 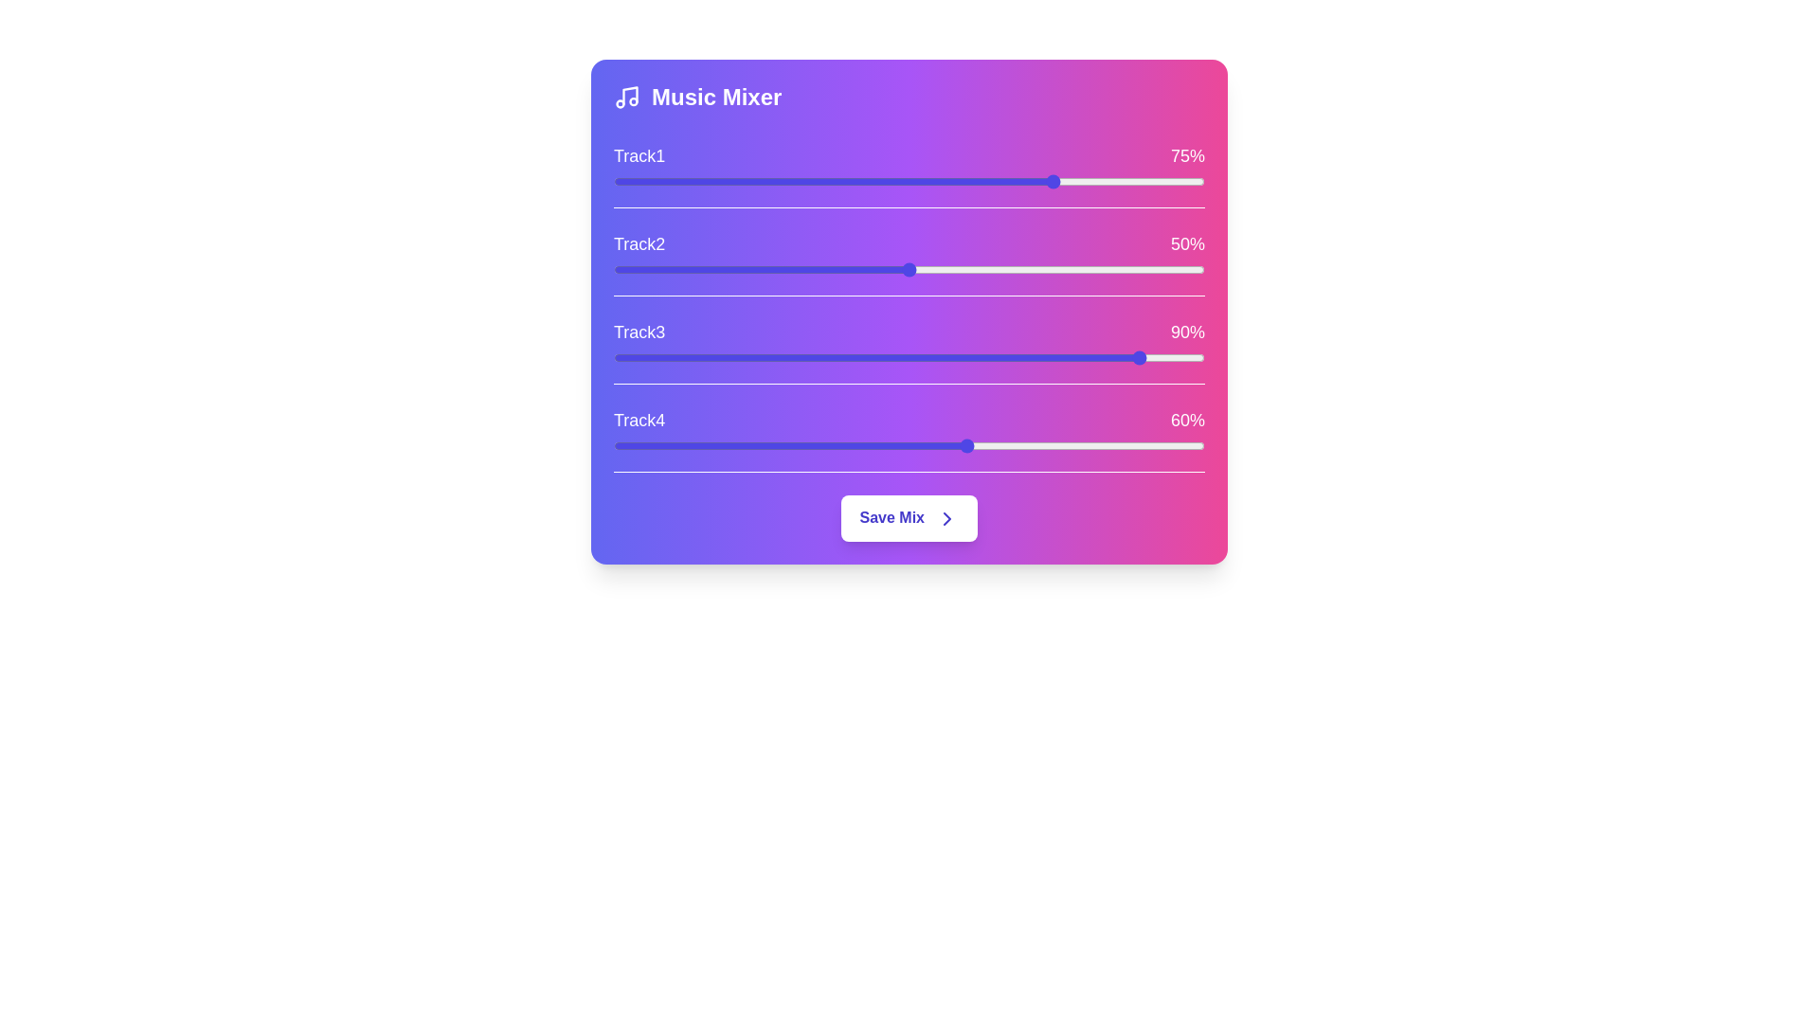 I want to click on the slider for Track1 to set its level to 42, so click(x=861, y=182).